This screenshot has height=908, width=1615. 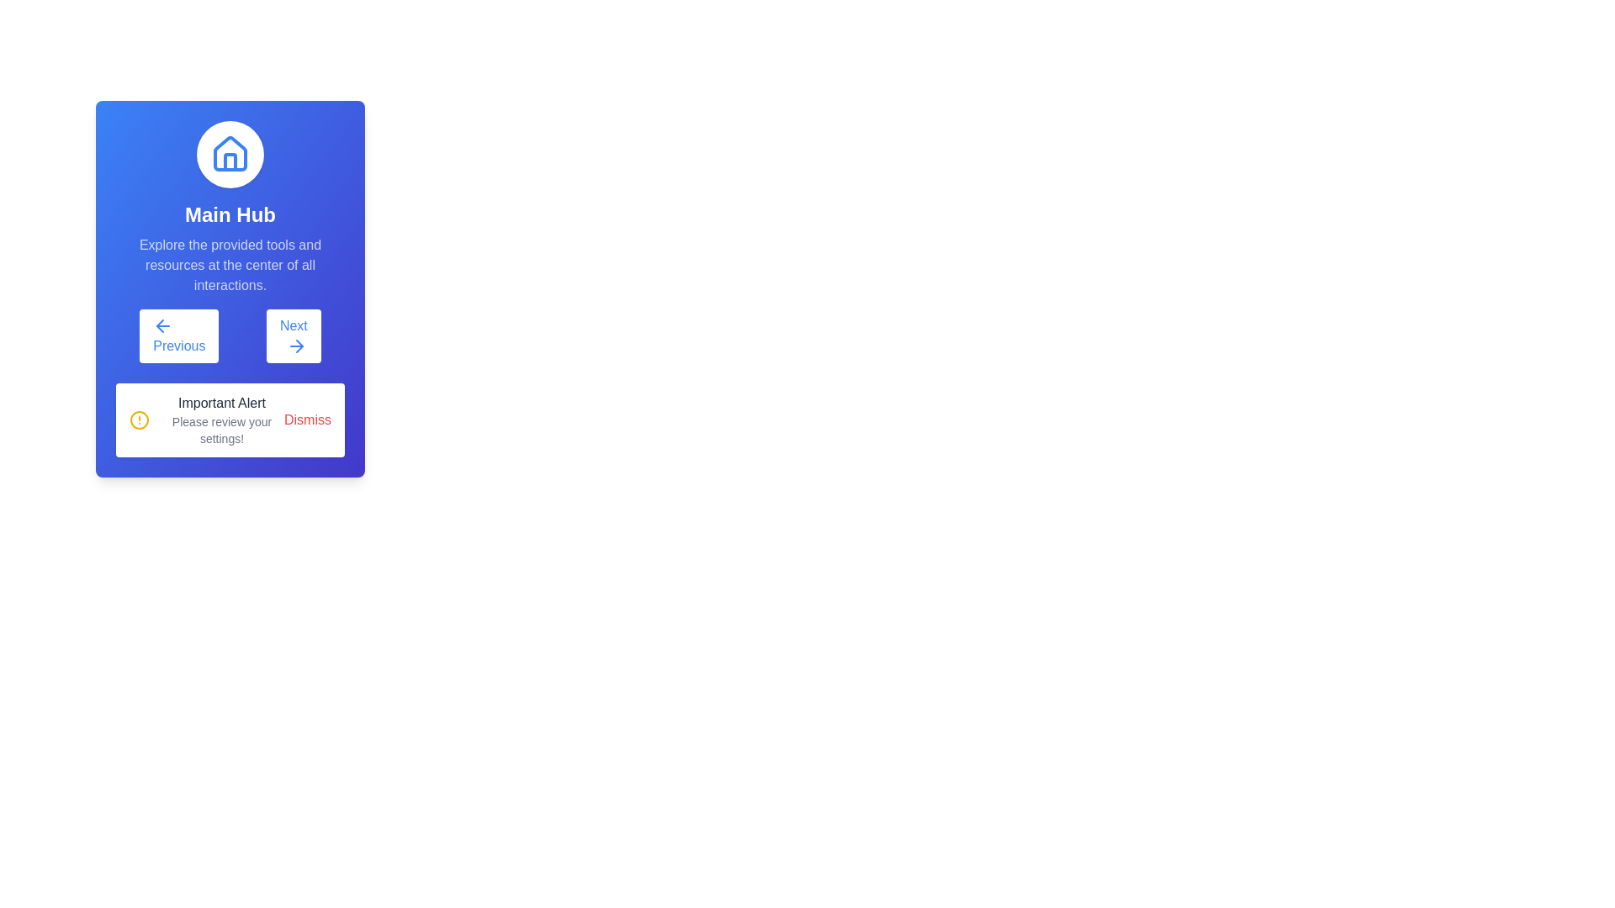 I want to click on the blue arrow icon pointing to the right, located within the 'Next' button, so click(x=296, y=346).